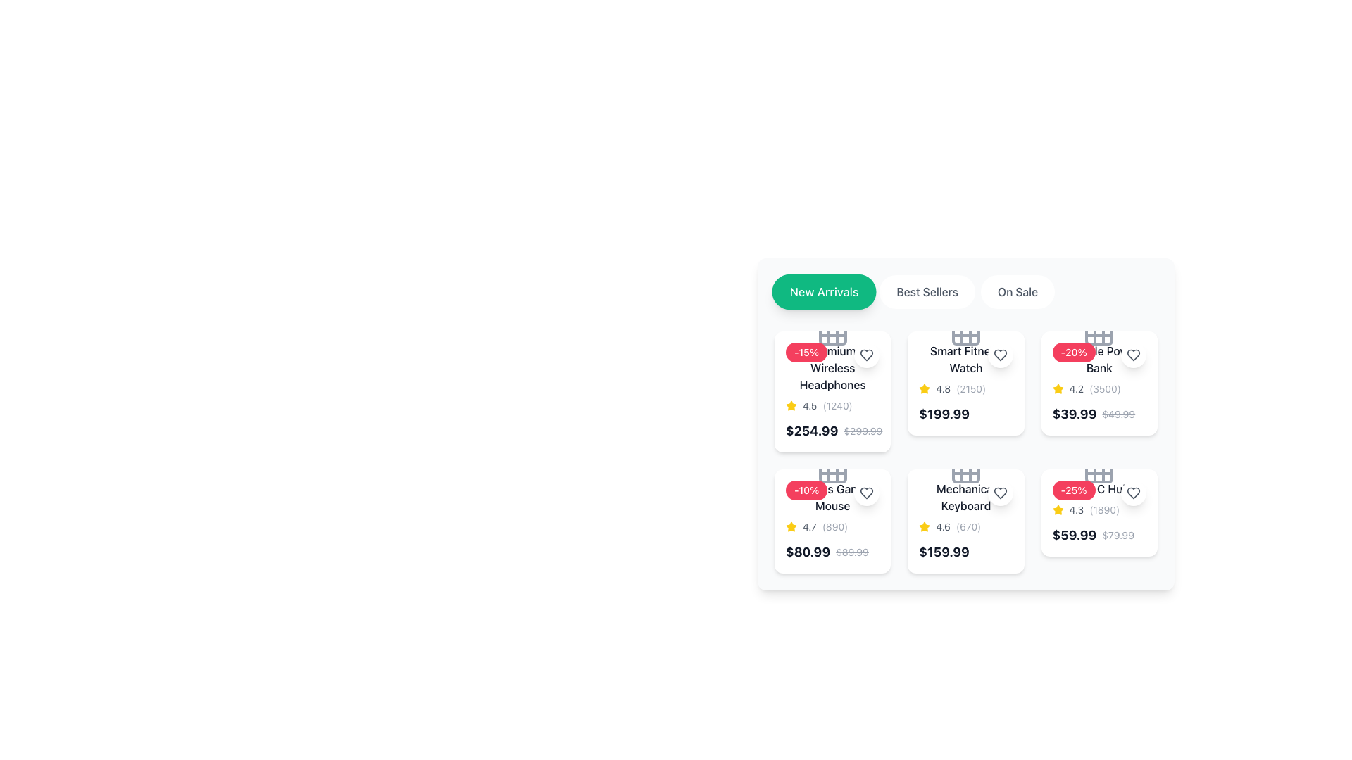  Describe the element at coordinates (810, 406) in the screenshot. I see `the text label displaying the value '4.5', which is part of the rating and review section for a product, located between a yellow star icon and a gray text element showing '(1240)'` at that location.